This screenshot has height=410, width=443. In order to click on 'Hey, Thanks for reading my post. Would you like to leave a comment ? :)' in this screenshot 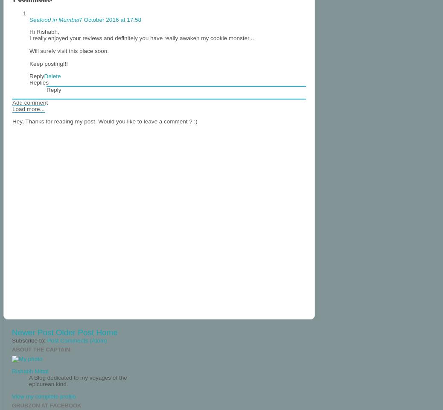, I will do `click(12, 120)`.